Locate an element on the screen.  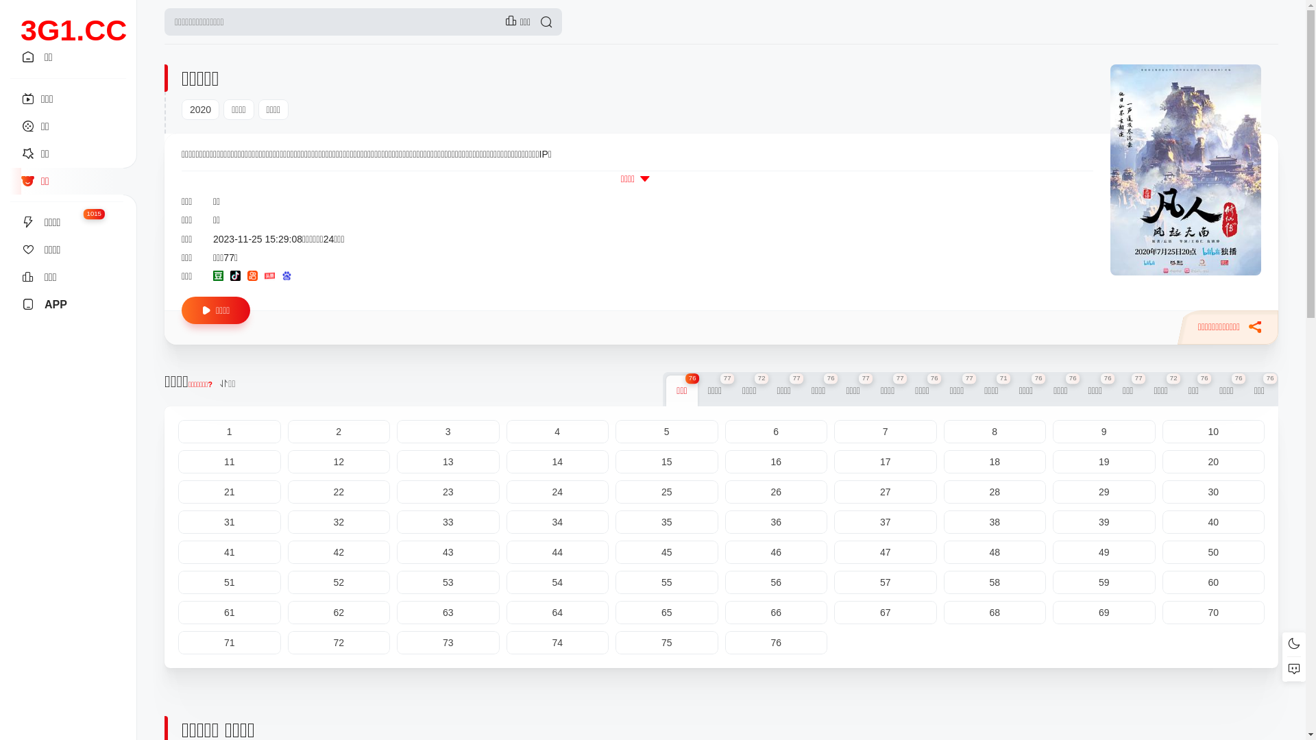
'2020' is located at coordinates (199, 108).